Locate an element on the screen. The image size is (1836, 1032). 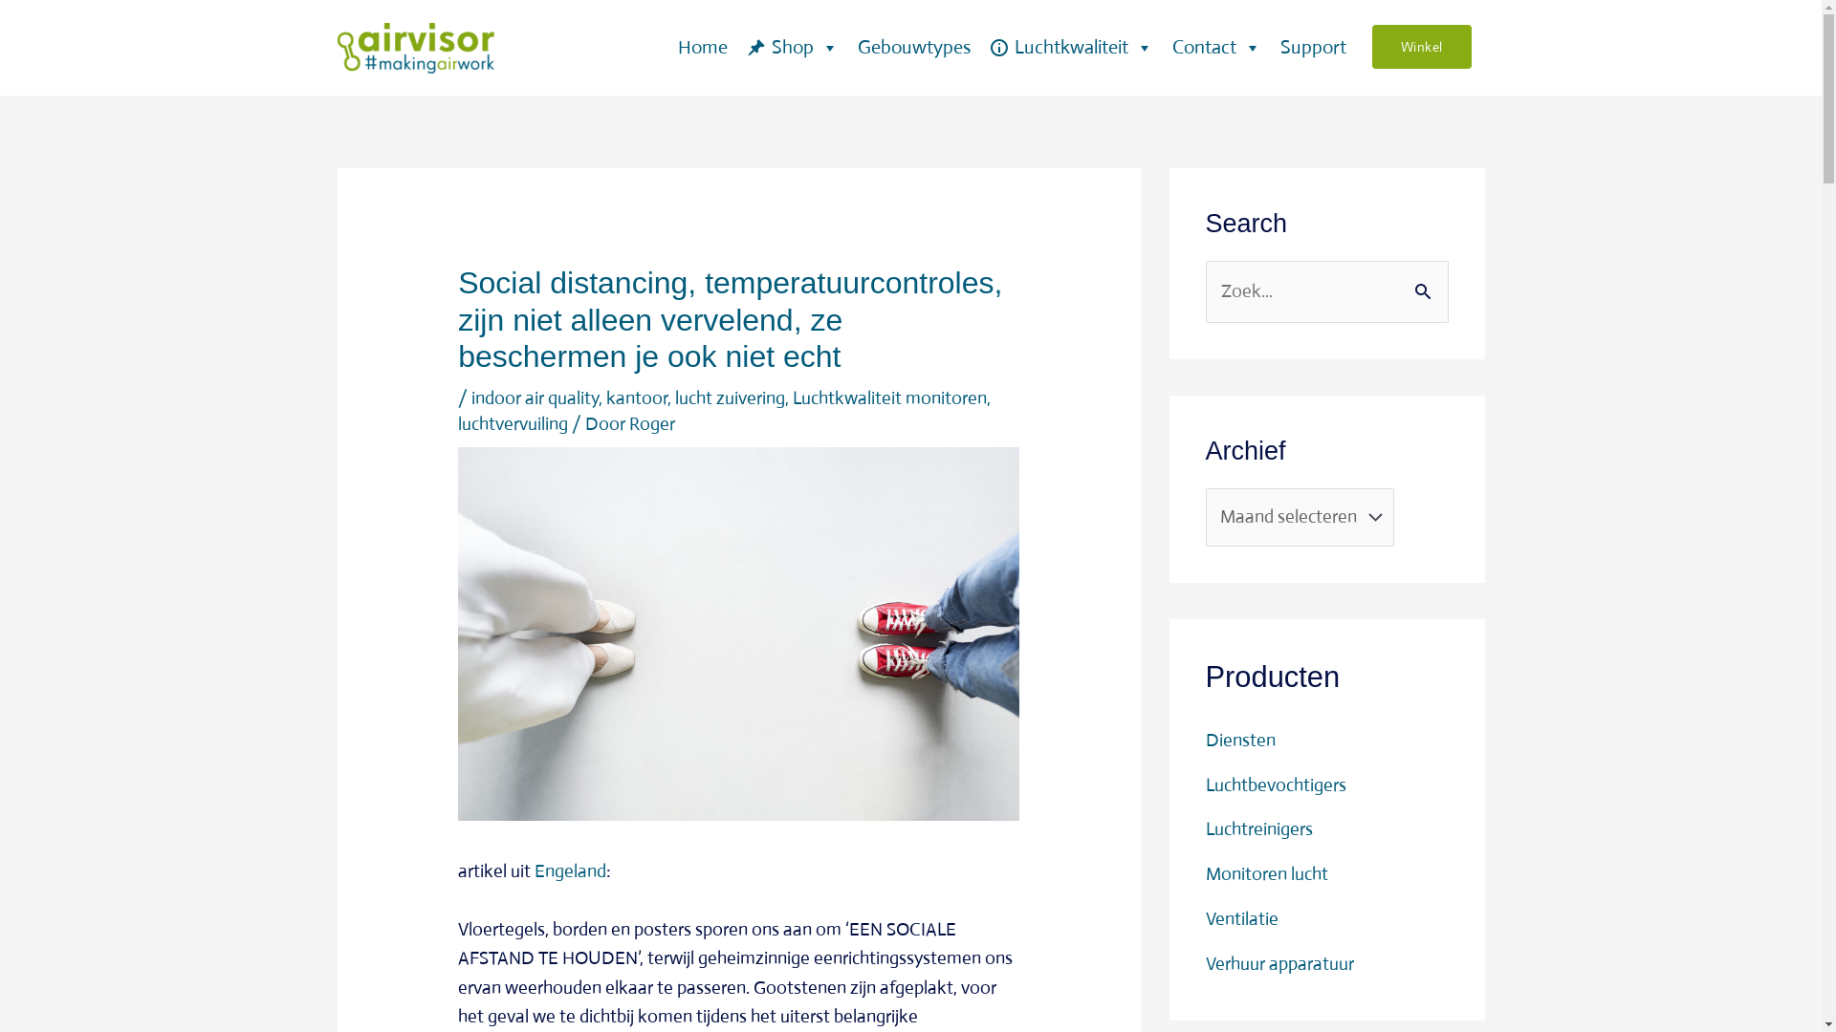
'Ventilatie' is located at coordinates (1240, 917).